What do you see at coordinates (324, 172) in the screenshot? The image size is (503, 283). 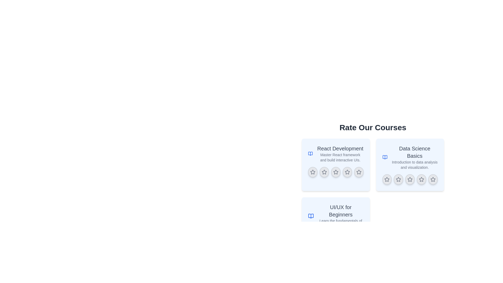 I see `the third SVG star icon in the rating row under the 'React Development' course subsection` at bounding box center [324, 172].